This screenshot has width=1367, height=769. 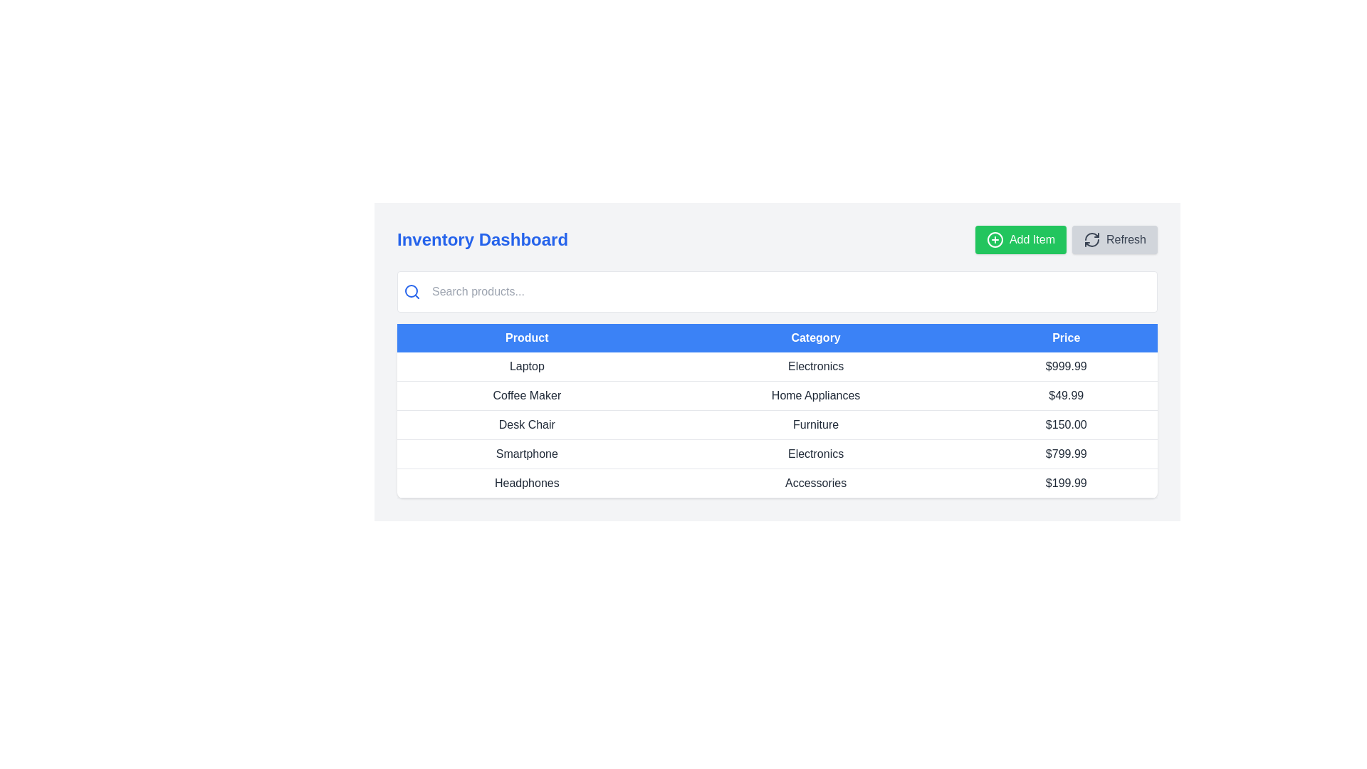 What do you see at coordinates (1066, 424) in the screenshot?
I see `text displayed in the bold font style '$150.00' located in the rightmost column of the table row corresponding to the product 'Desk Chair' under the 'Furniture' category` at bounding box center [1066, 424].